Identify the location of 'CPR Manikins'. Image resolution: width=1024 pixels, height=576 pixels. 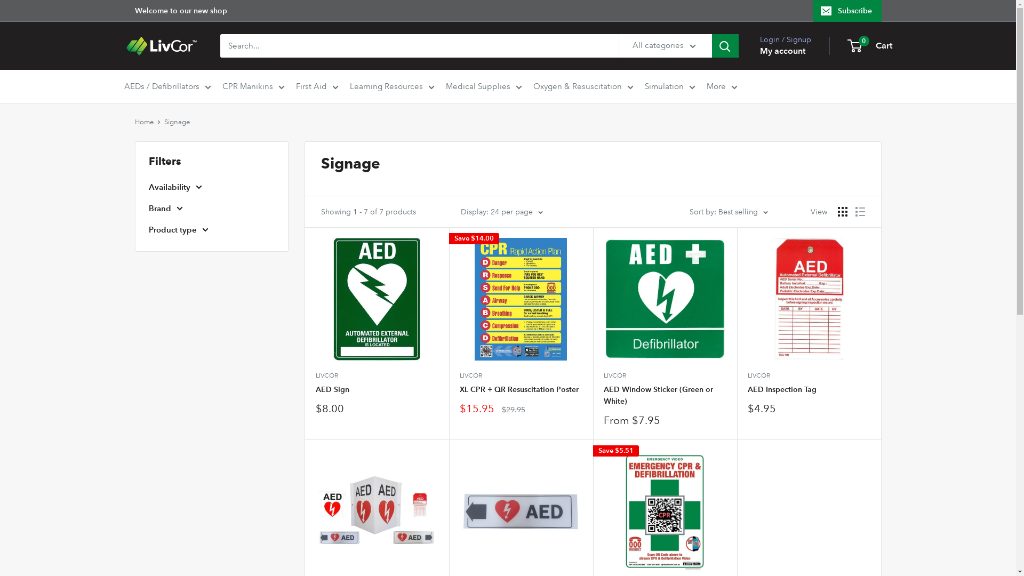
(252, 86).